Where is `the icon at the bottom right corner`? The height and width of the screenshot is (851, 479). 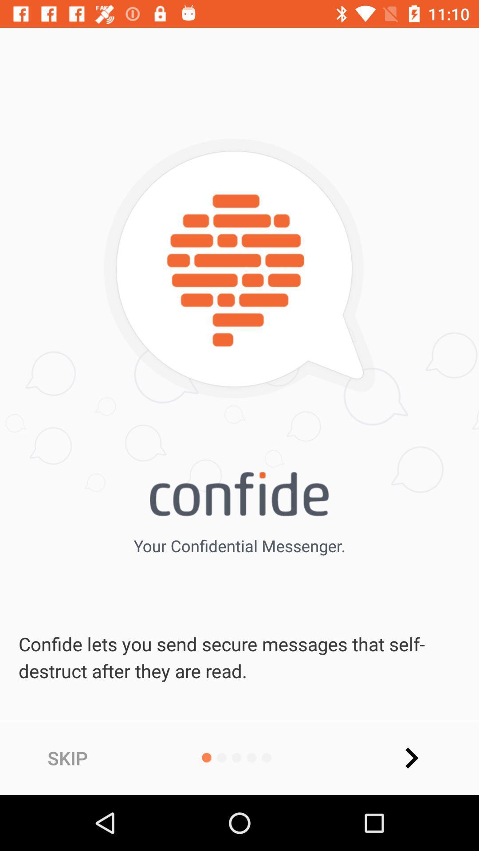
the icon at the bottom right corner is located at coordinates (411, 757).